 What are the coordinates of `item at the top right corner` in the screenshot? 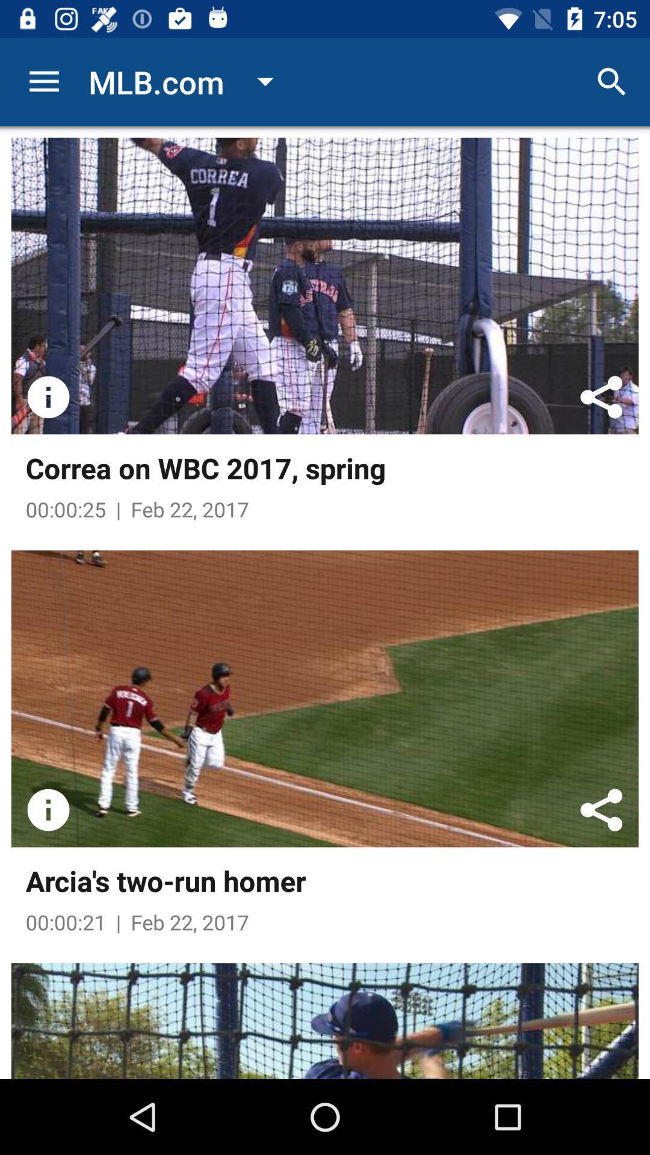 It's located at (612, 81).